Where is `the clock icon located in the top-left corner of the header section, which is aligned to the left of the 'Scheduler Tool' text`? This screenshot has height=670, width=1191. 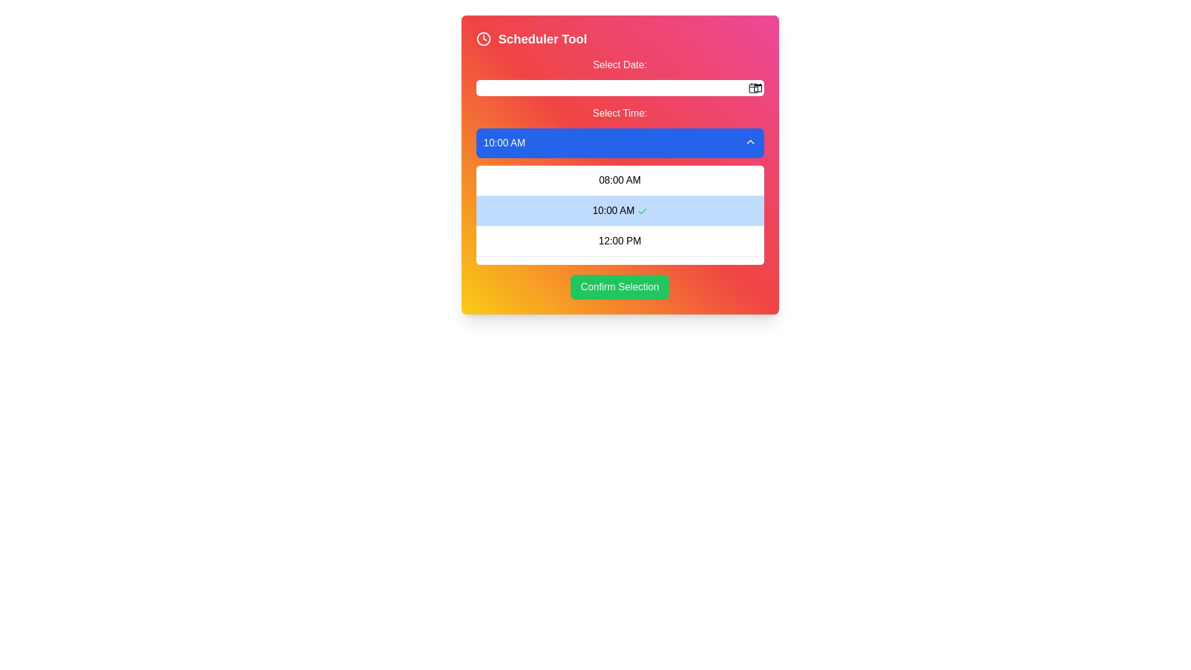
the clock icon located in the top-left corner of the header section, which is aligned to the left of the 'Scheduler Tool' text is located at coordinates (483, 38).